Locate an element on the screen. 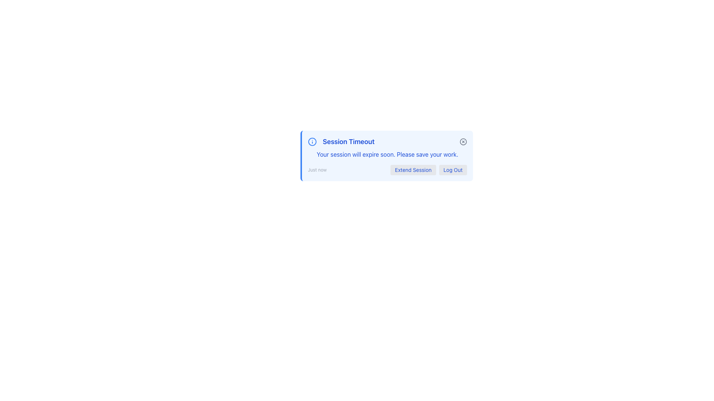  the 'Extend Session' button, which is the leftmost button in a group of two buttons located near the bottom of a modal dialog box, featuring blue text on a light gray background is located at coordinates (413, 170).